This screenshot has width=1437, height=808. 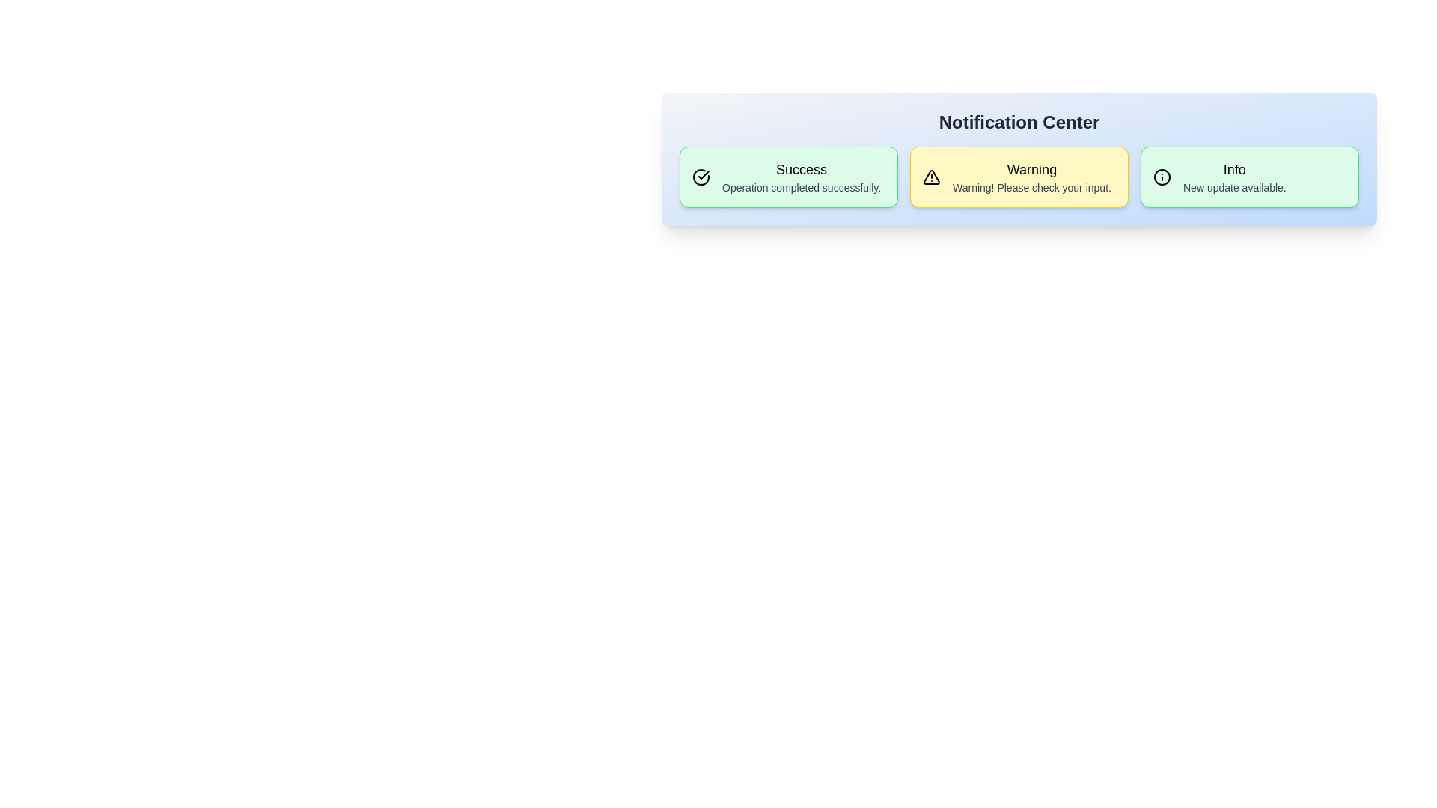 I want to click on the notification card corresponding to Success, so click(x=788, y=176).